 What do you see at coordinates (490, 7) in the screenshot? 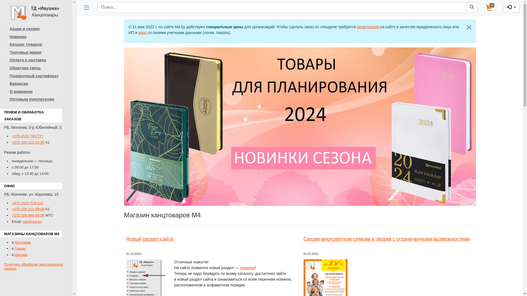
I see `'0'` at bounding box center [490, 7].